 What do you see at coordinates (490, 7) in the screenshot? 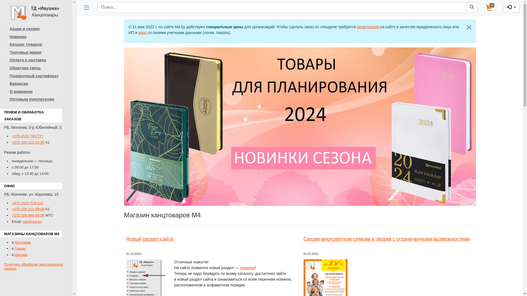
I see `'0'` at bounding box center [490, 7].